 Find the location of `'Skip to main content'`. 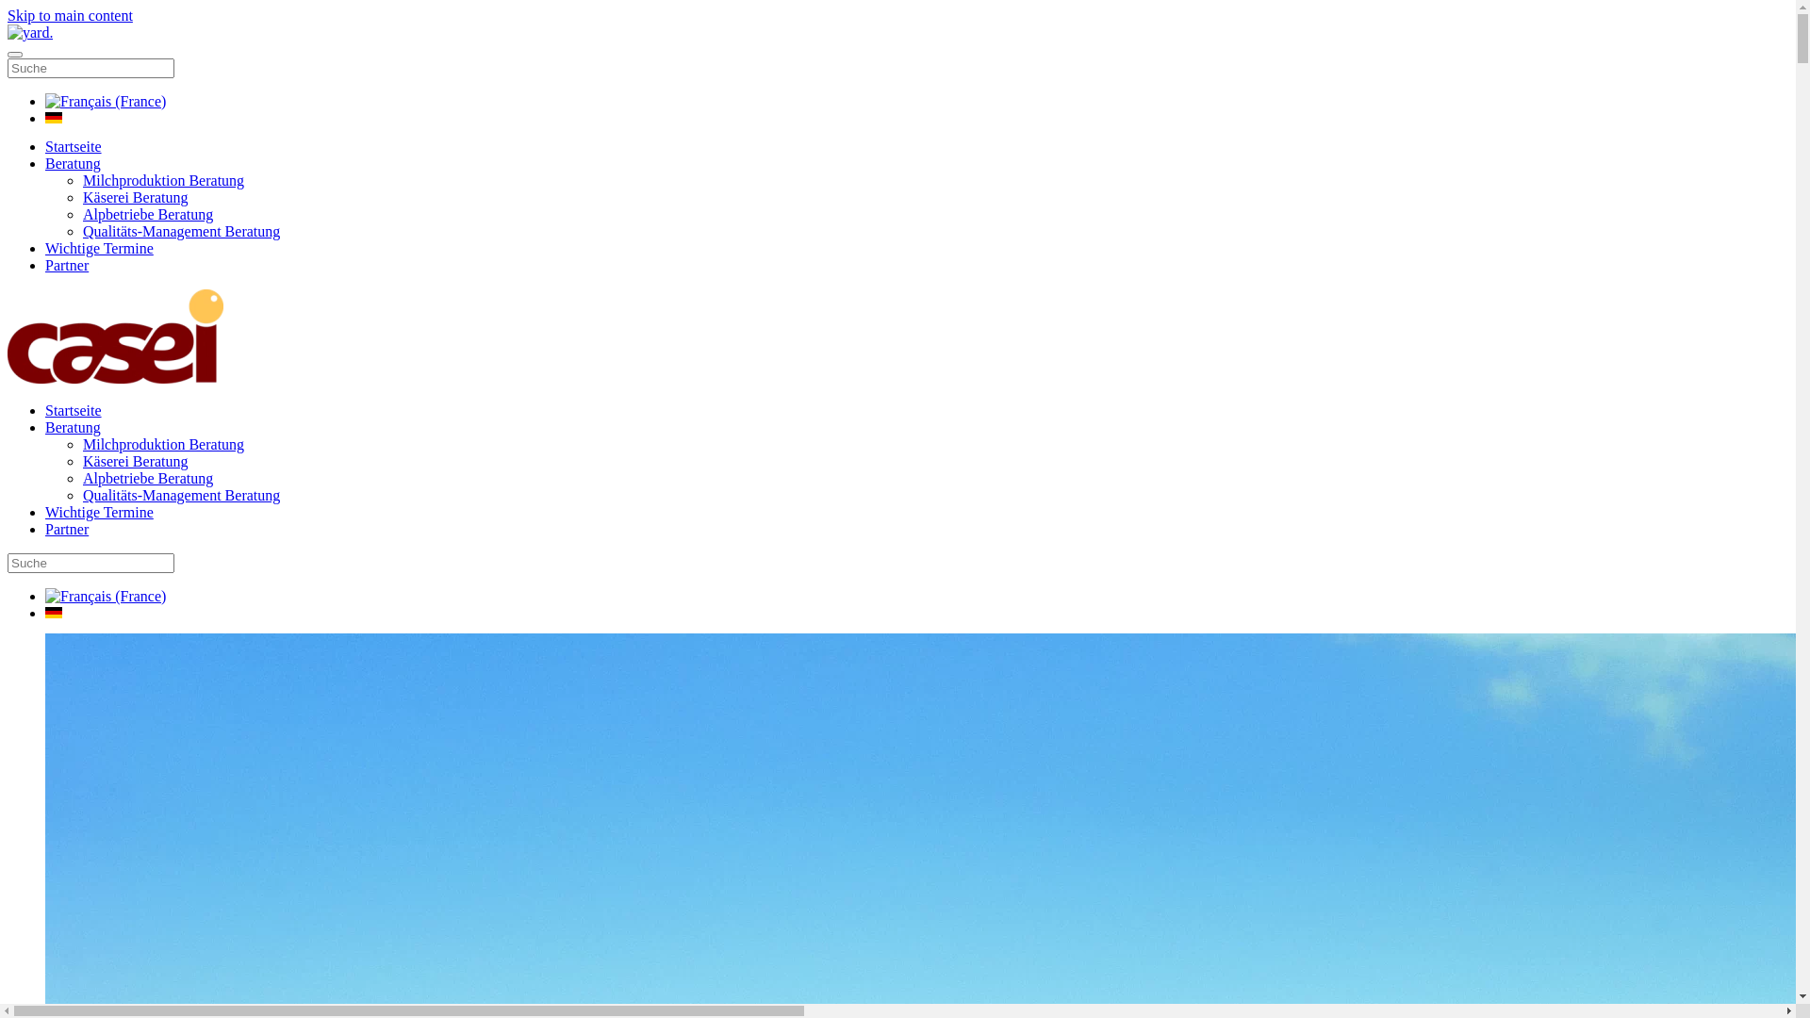

'Skip to main content' is located at coordinates (70, 15).